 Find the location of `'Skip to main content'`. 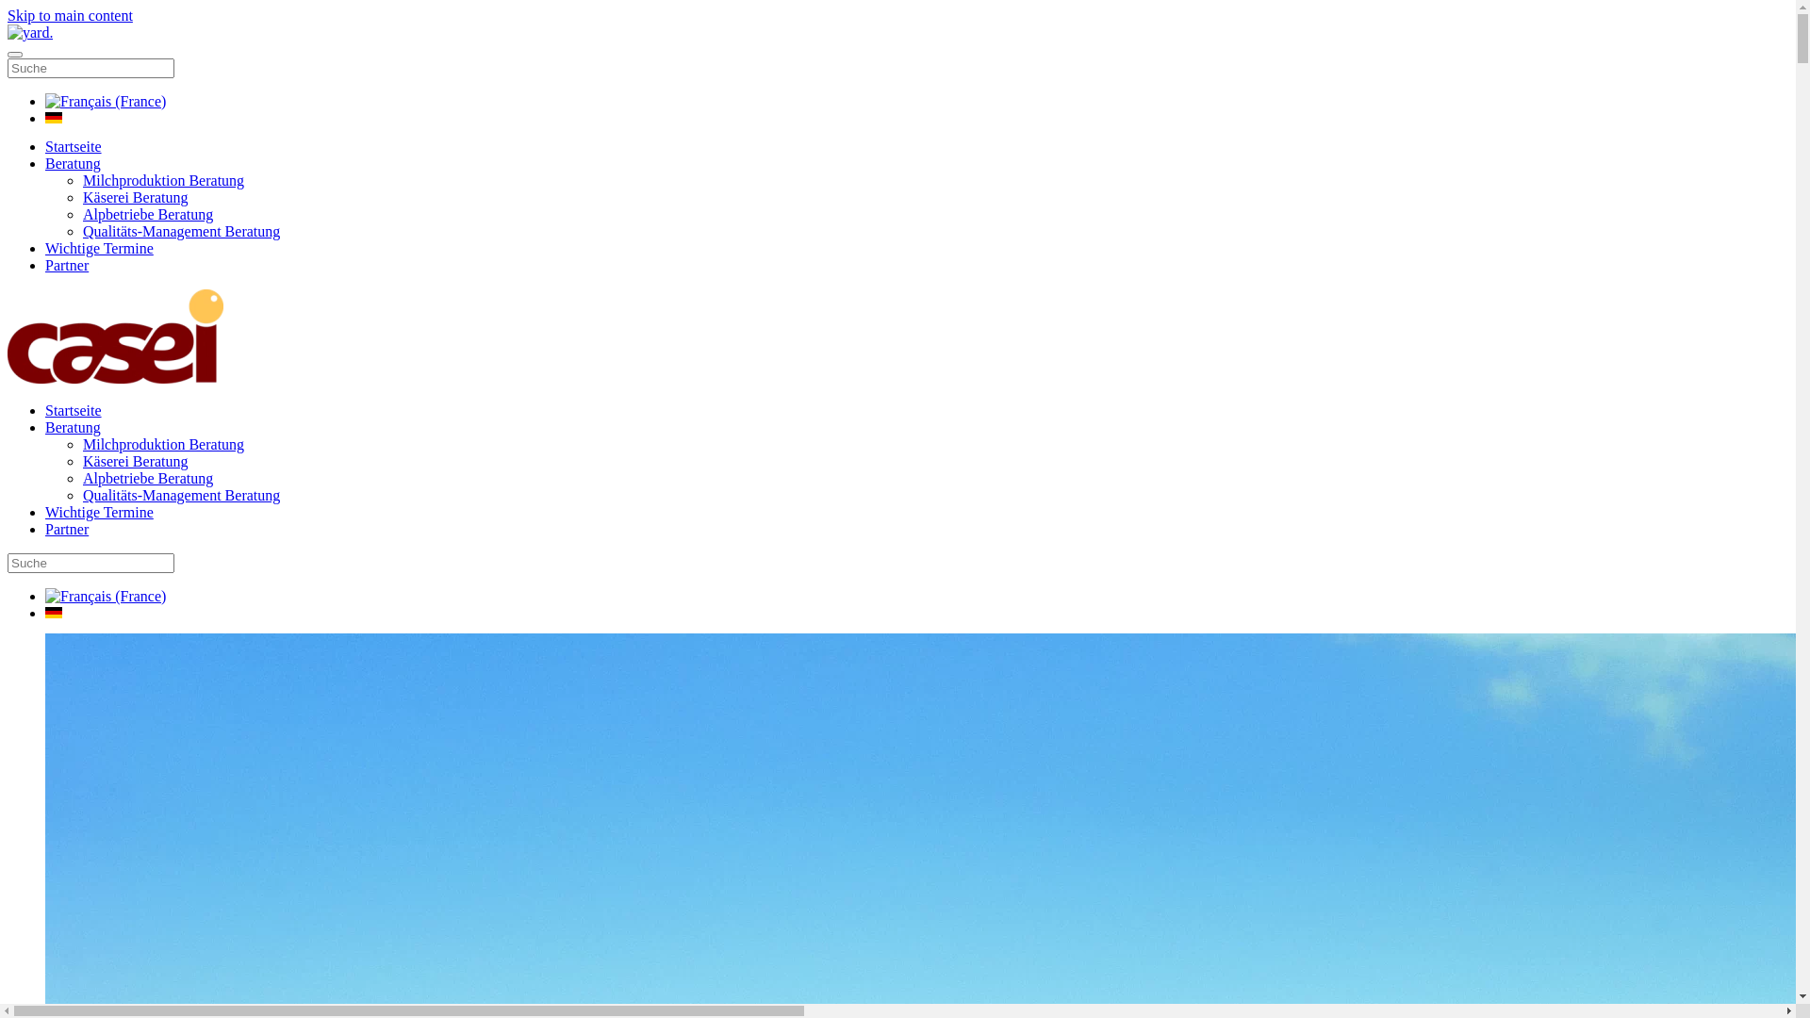

'Skip to main content' is located at coordinates (70, 15).